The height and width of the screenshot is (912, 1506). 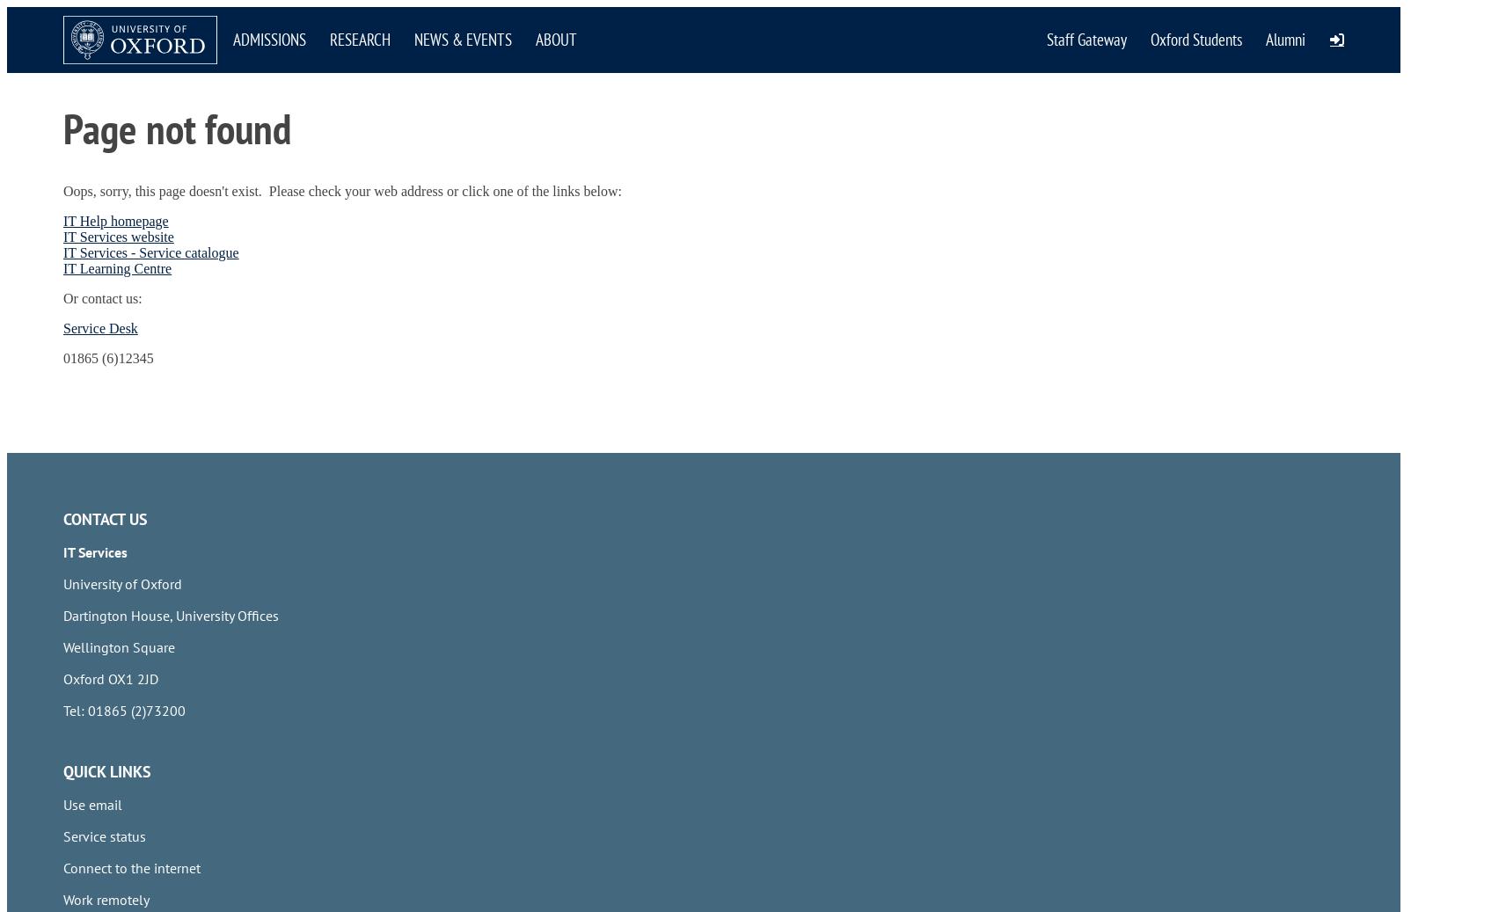 I want to click on 'HR Self-Service login', so click(x=62, y=332).